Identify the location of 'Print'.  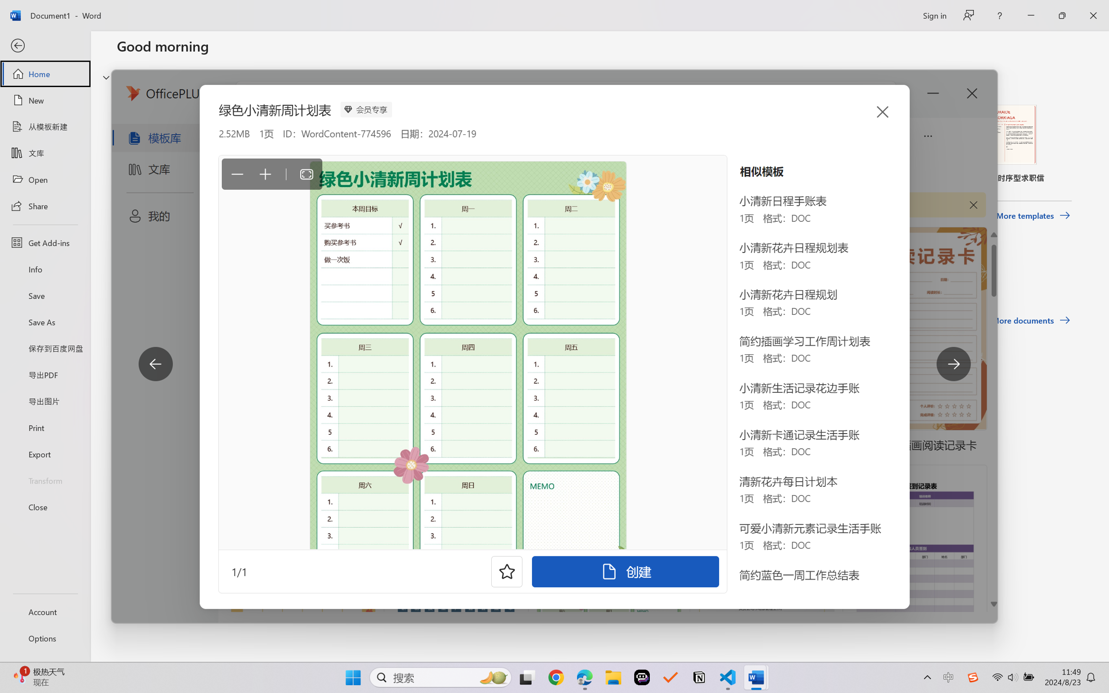
(44, 428).